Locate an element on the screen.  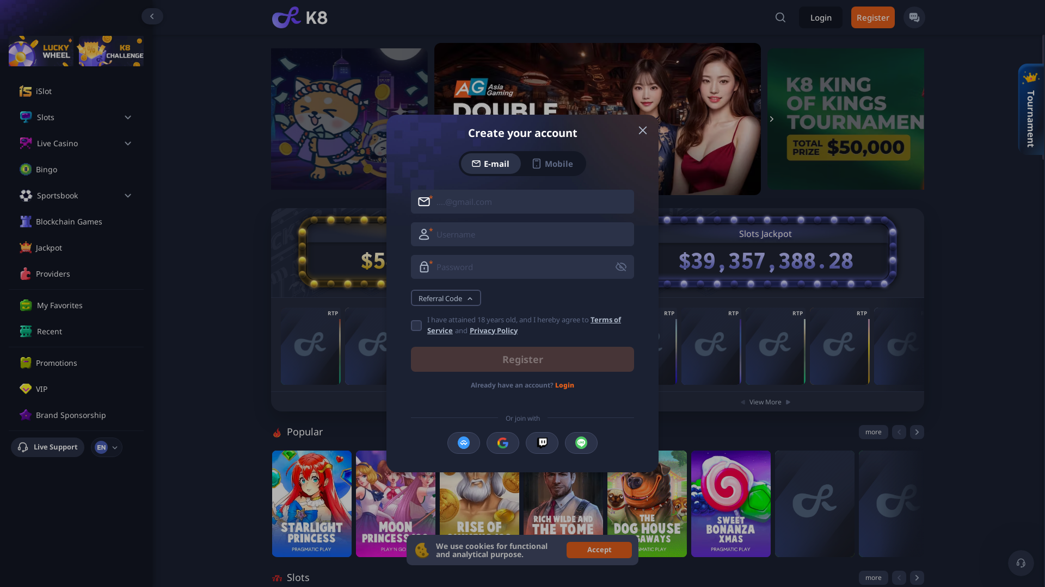
'more' is located at coordinates (873, 431).